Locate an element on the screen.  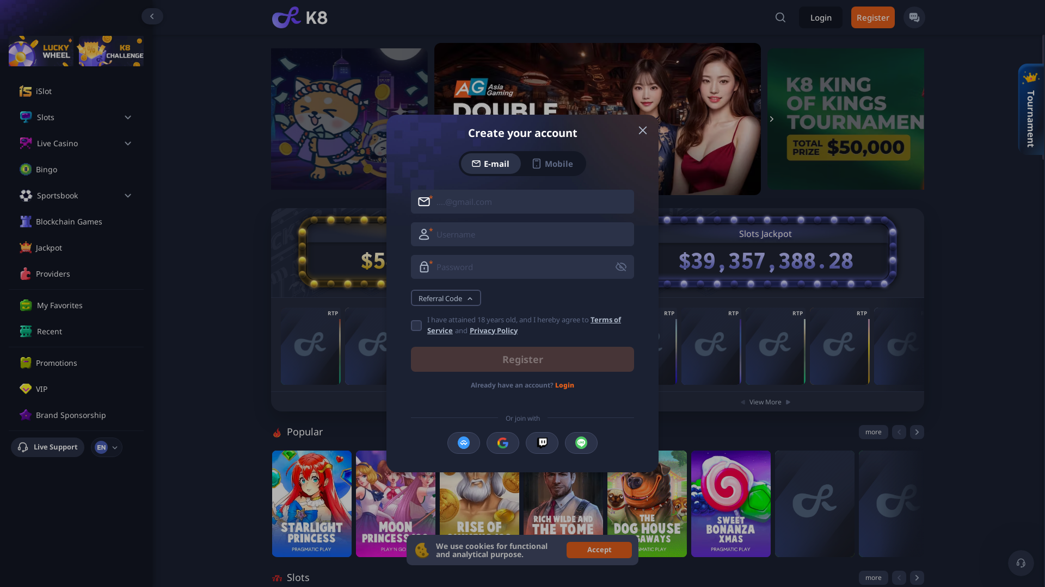
'more' is located at coordinates (873, 431).